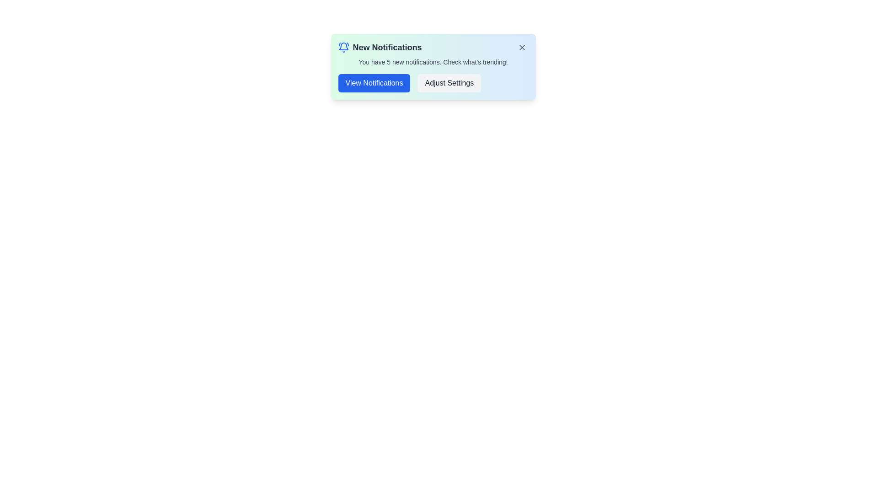 This screenshot has width=878, height=494. I want to click on the 'X' button to dismiss the notification alert, so click(522, 48).